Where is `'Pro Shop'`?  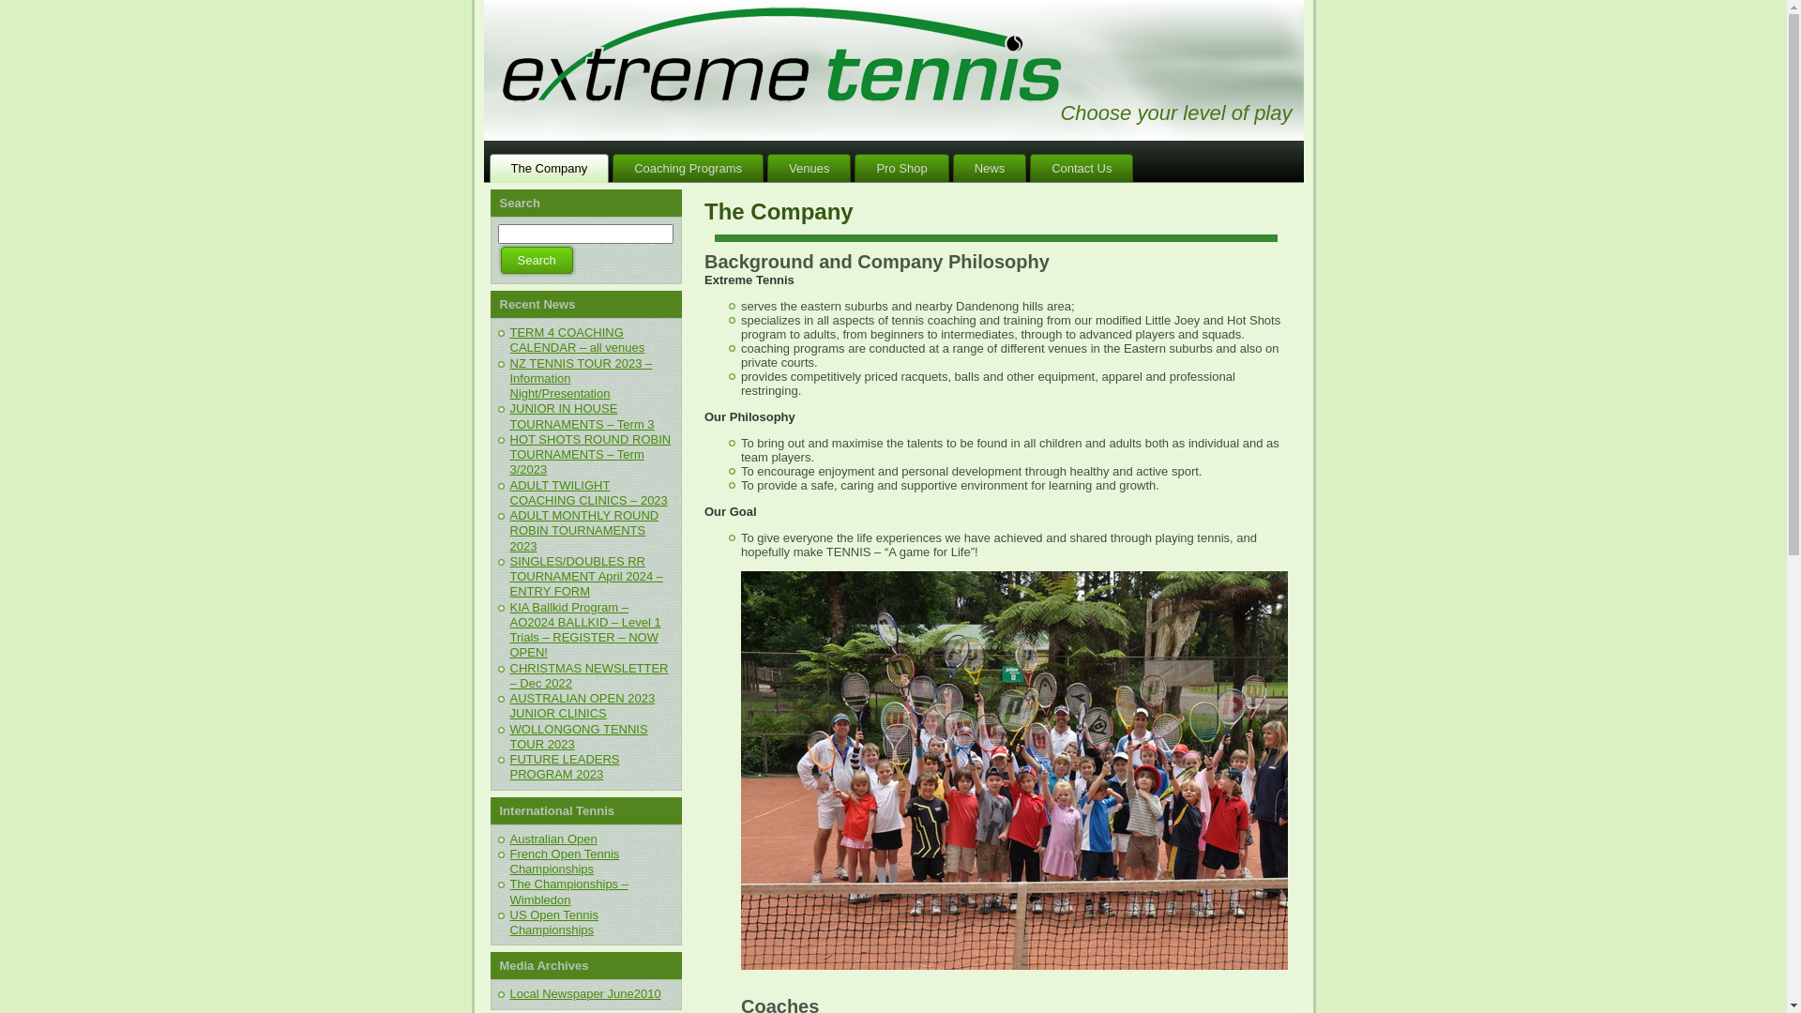
'Pro Shop' is located at coordinates (900, 167).